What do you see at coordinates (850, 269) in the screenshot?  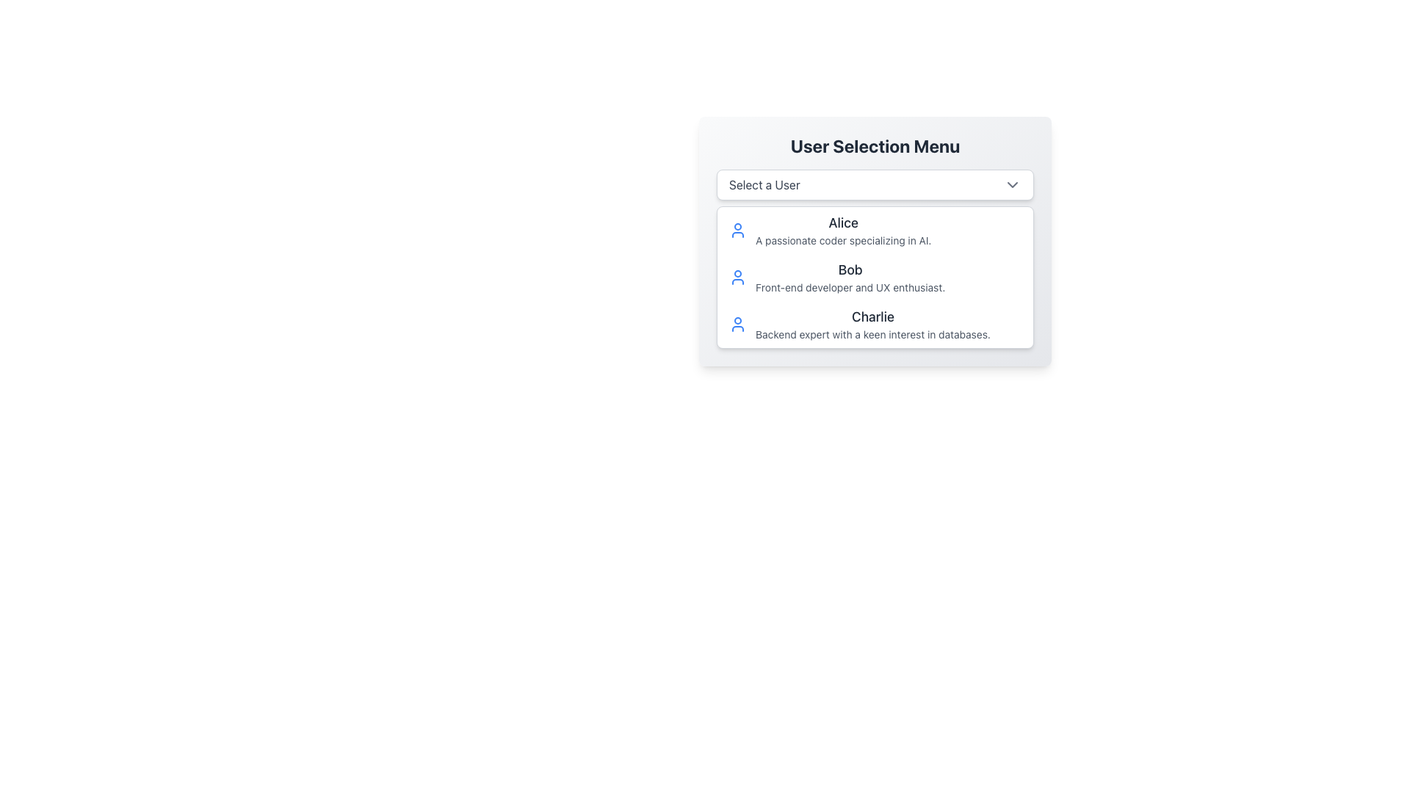 I see `the text label displaying 'Bob', which is the middle user entry in the 'User Selection Menu'` at bounding box center [850, 269].